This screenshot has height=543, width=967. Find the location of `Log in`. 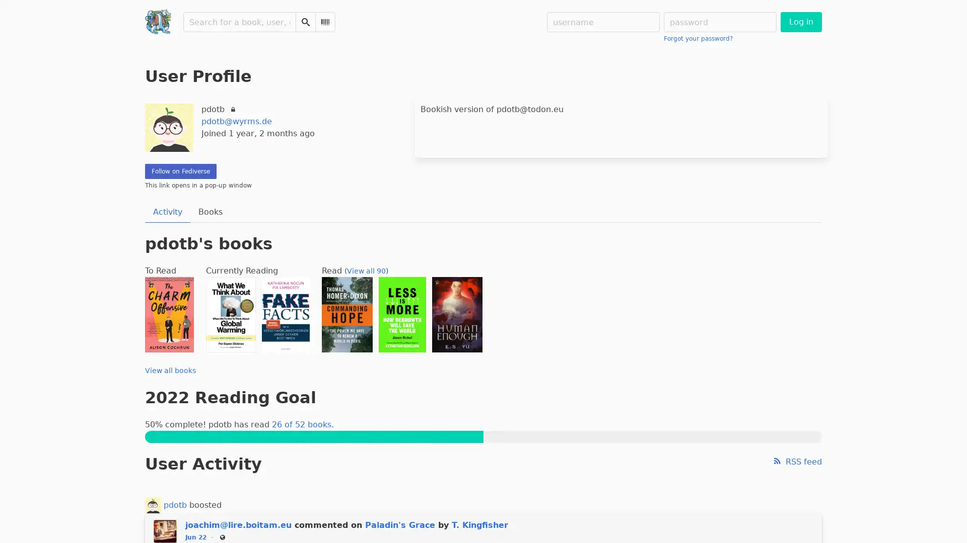

Log in is located at coordinates (800, 22).